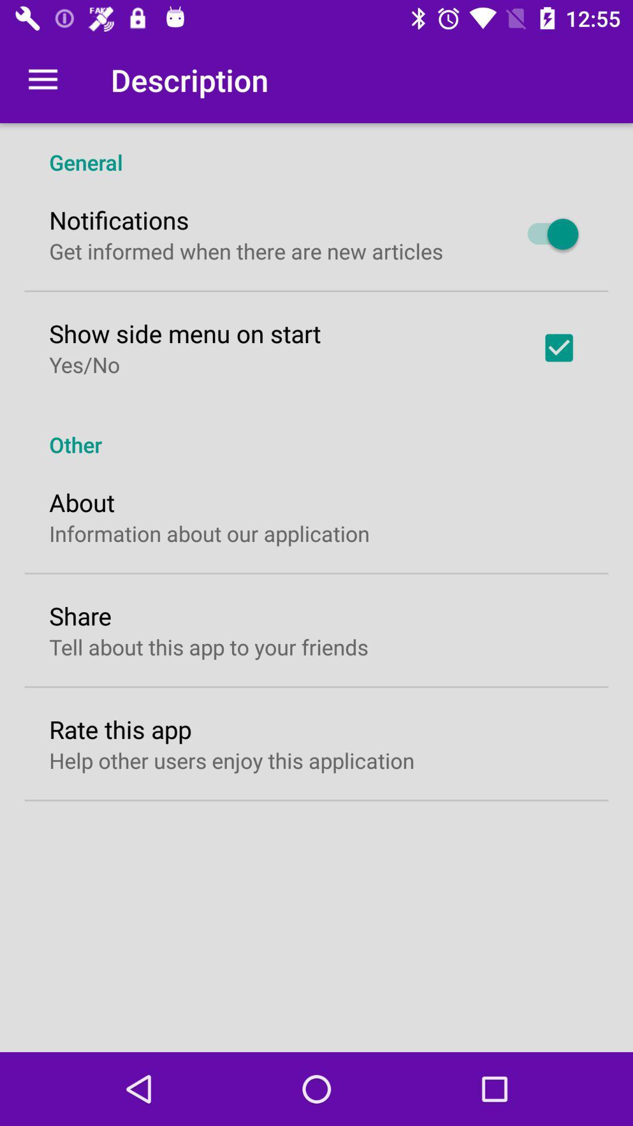  I want to click on icon below show side menu item, so click(84, 364).